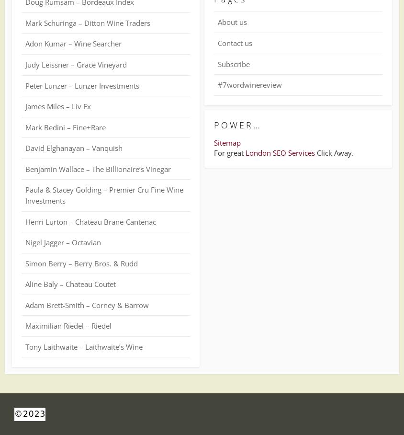  I want to click on 'Mark Schuringa – Ditton Wine Traders', so click(88, 23).